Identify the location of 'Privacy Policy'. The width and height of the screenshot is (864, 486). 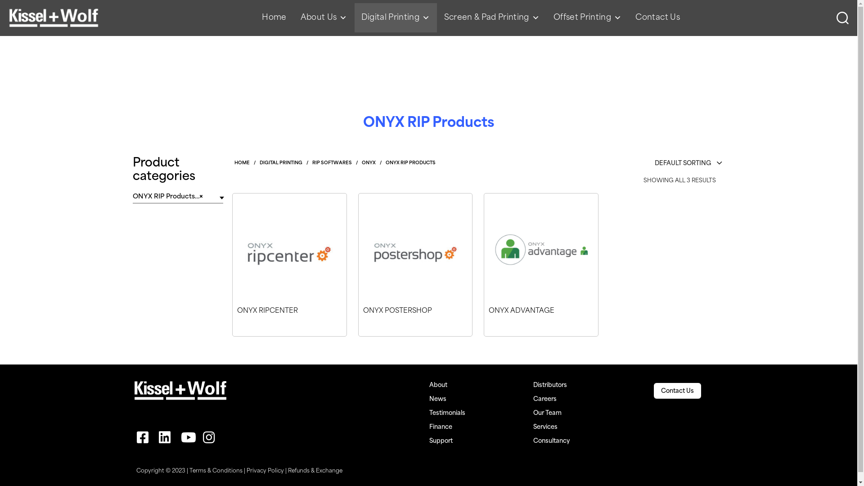
(265, 471).